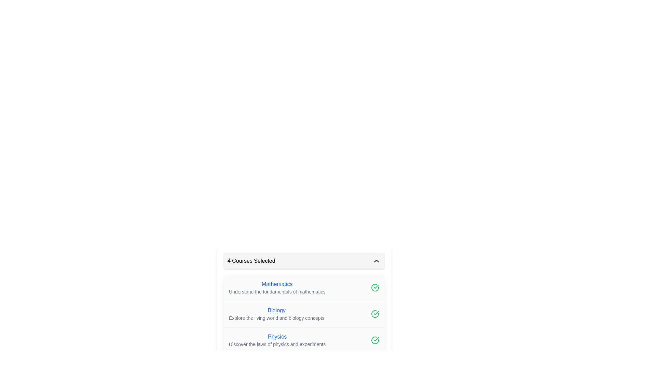 The image size is (656, 369). Describe the element at coordinates (375, 340) in the screenshot. I see `the visual representation of the checkmark icon indicating completion for the courses 'Mathematics' and 'Biology', located in the rightmost column of the table` at that location.